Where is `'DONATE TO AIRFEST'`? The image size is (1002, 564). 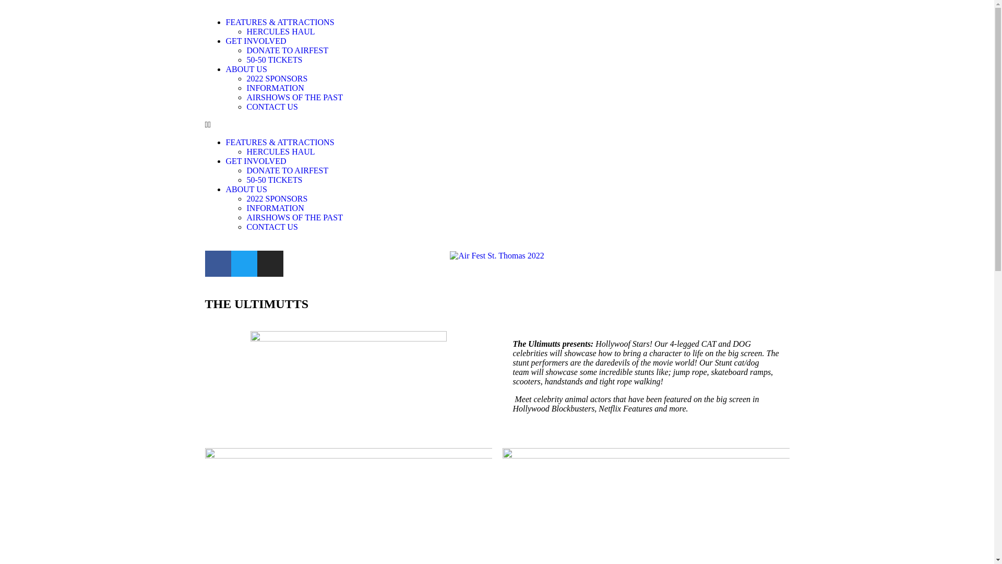
'DONATE TO AIRFEST' is located at coordinates (245, 170).